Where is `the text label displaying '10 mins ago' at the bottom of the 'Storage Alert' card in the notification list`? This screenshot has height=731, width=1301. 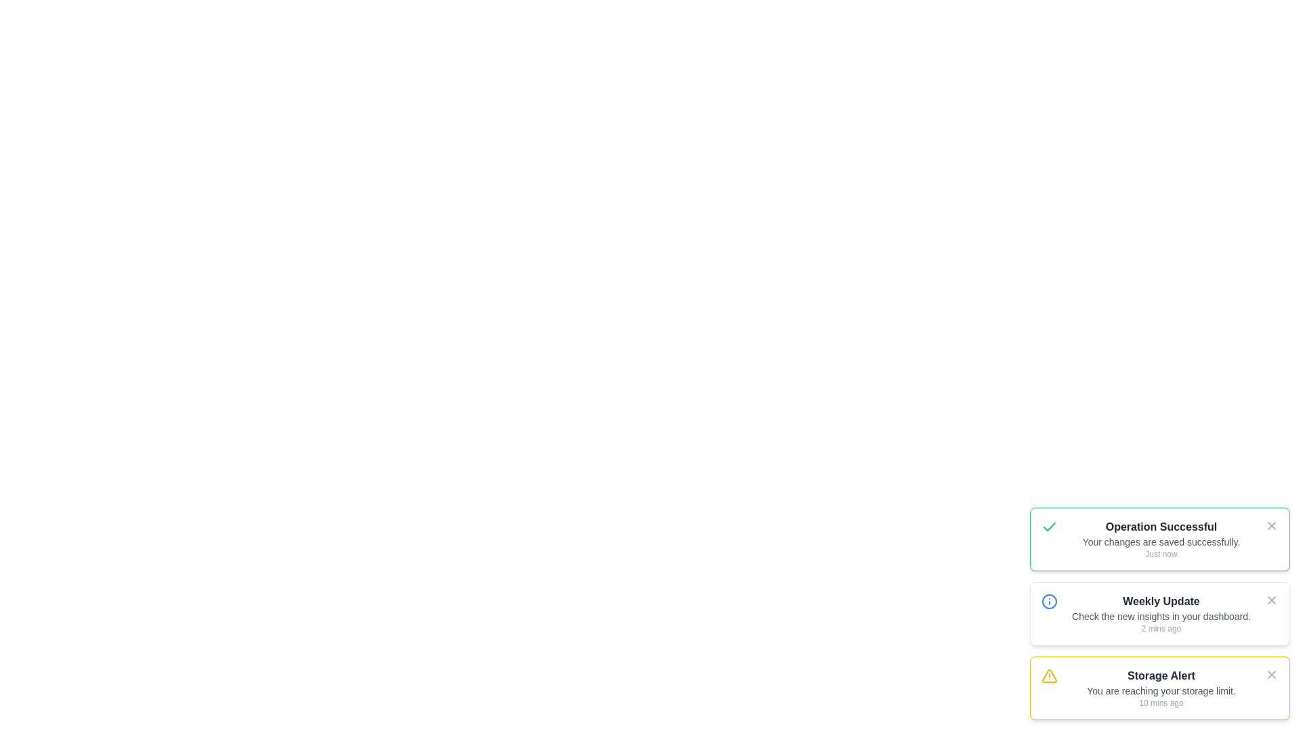 the text label displaying '10 mins ago' at the bottom of the 'Storage Alert' card in the notification list is located at coordinates (1160, 702).